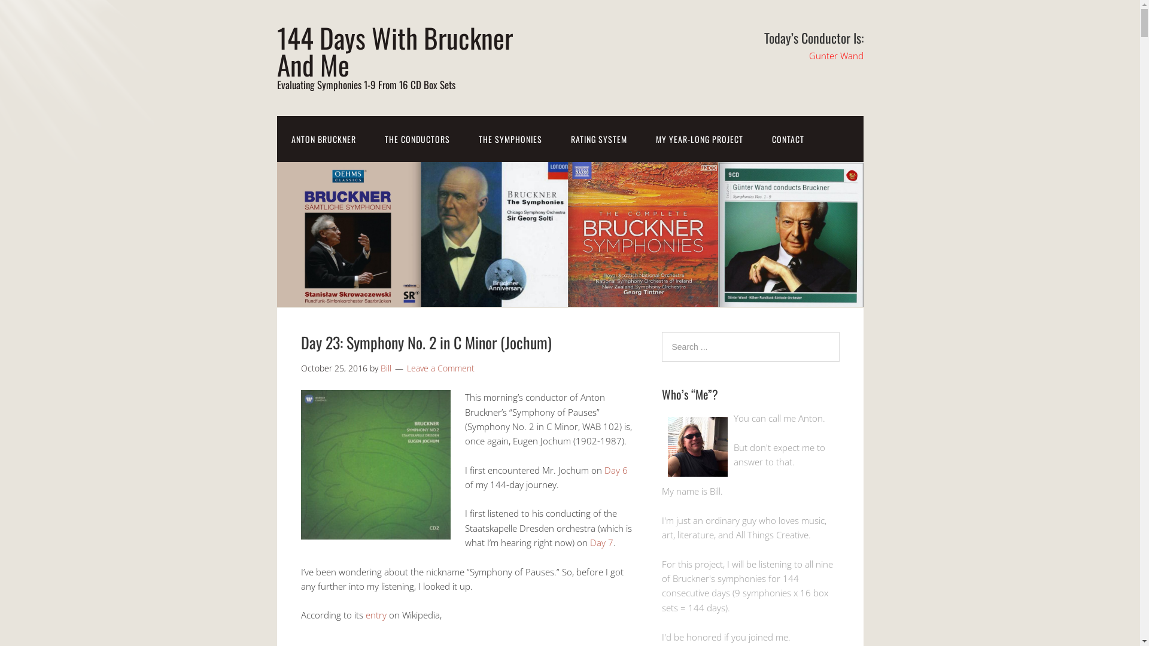 This screenshot has width=1149, height=646. Describe the element at coordinates (616, 470) in the screenshot. I see `'Day 6'` at that location.